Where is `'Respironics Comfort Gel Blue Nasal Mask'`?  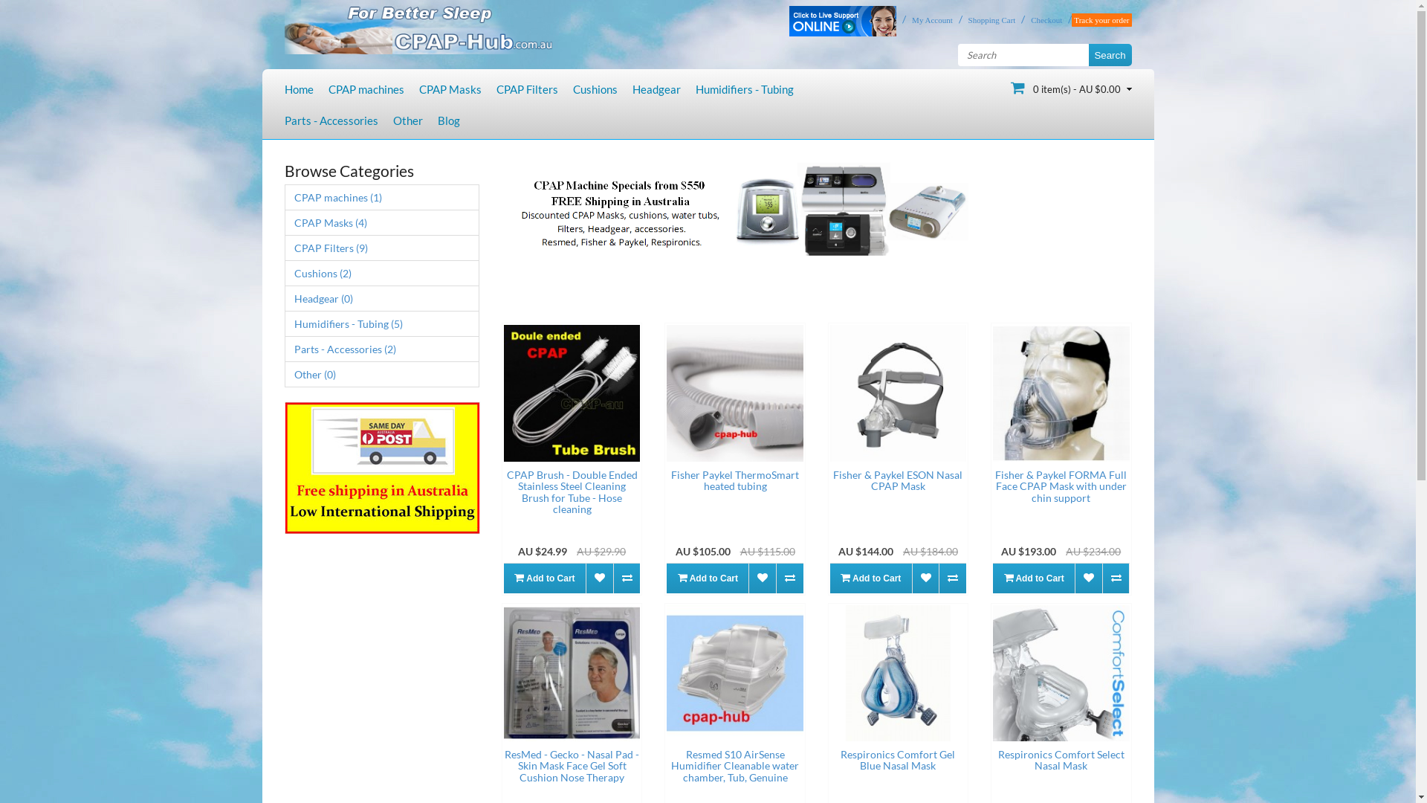
'Respironics Comfort Gel Blue Nasal Mask' is located at coordinates (897, 760).